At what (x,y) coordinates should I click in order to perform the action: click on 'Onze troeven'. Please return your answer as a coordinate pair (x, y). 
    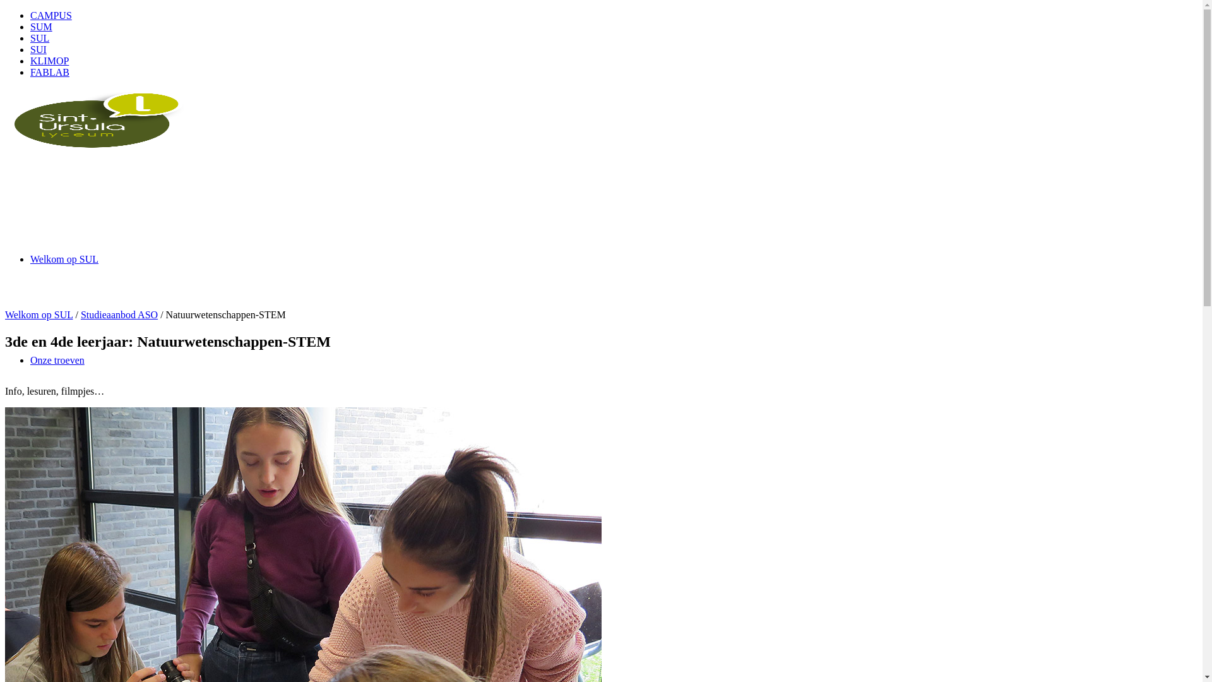
    Looking at the image, I should click on (57, 360).